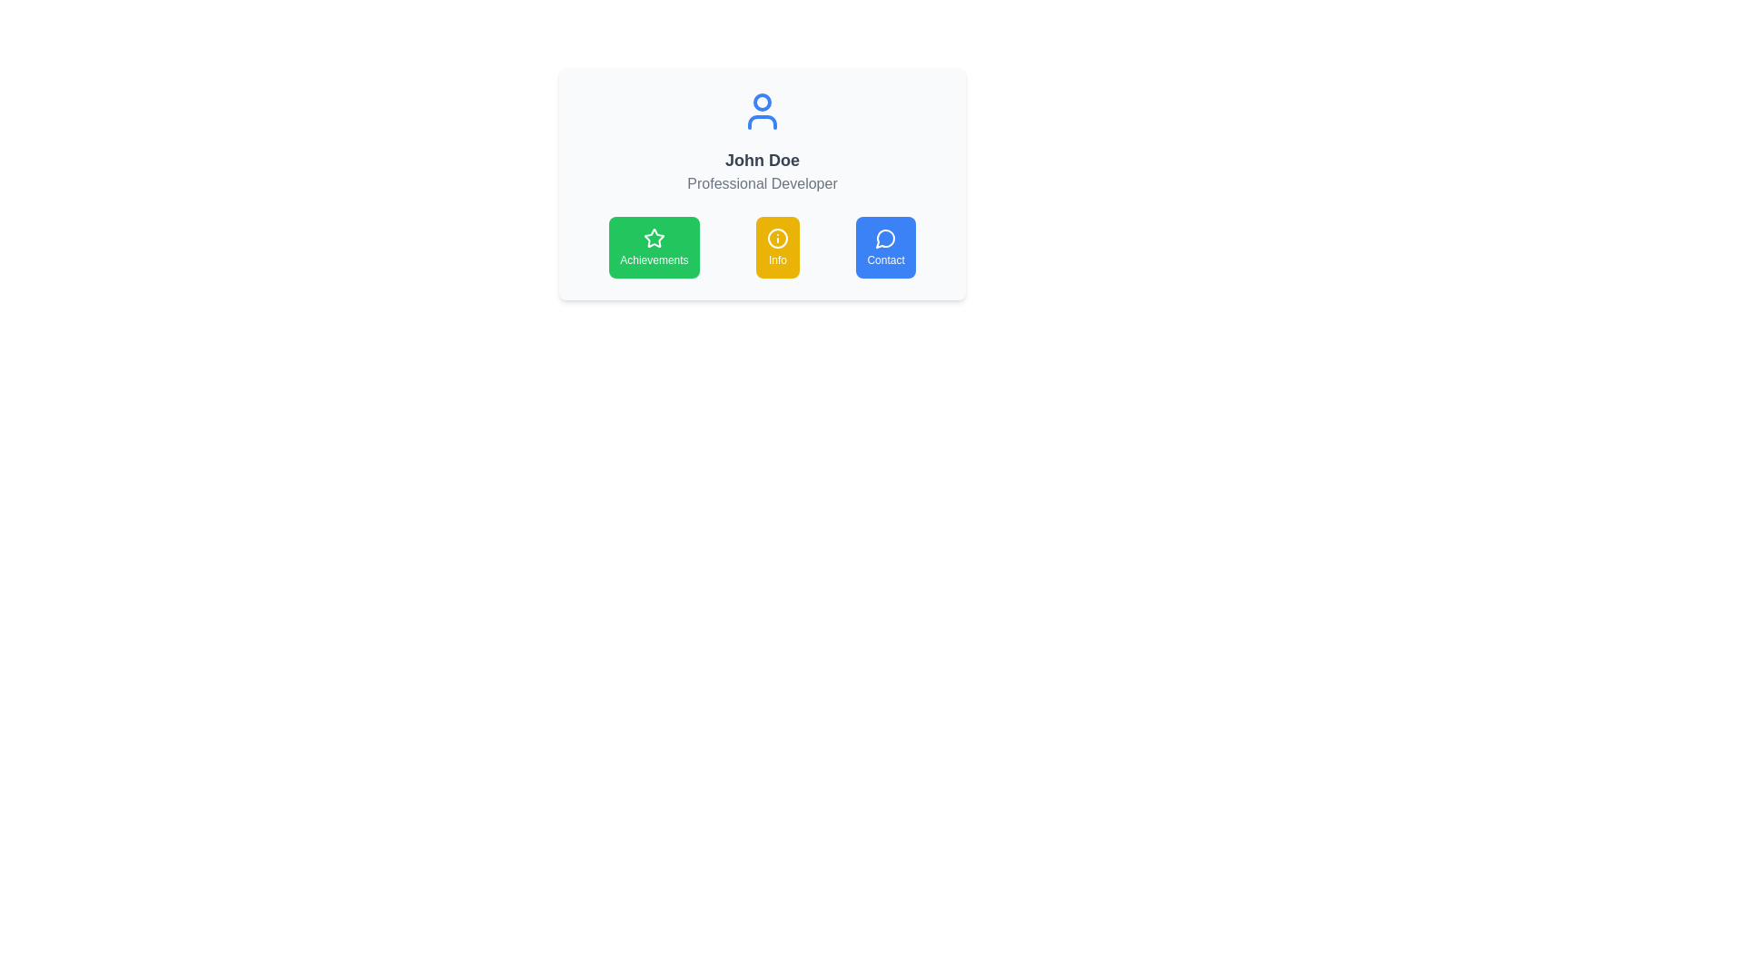 This screenshot has width=1743, height=980. Describe the element at coordinates (763, 102) in the screenshot. I see `the SVG circle element representing the user's profile, which is styled as a user icon and located above the text 'John Doe' and 'Professional Developer'` at that location.